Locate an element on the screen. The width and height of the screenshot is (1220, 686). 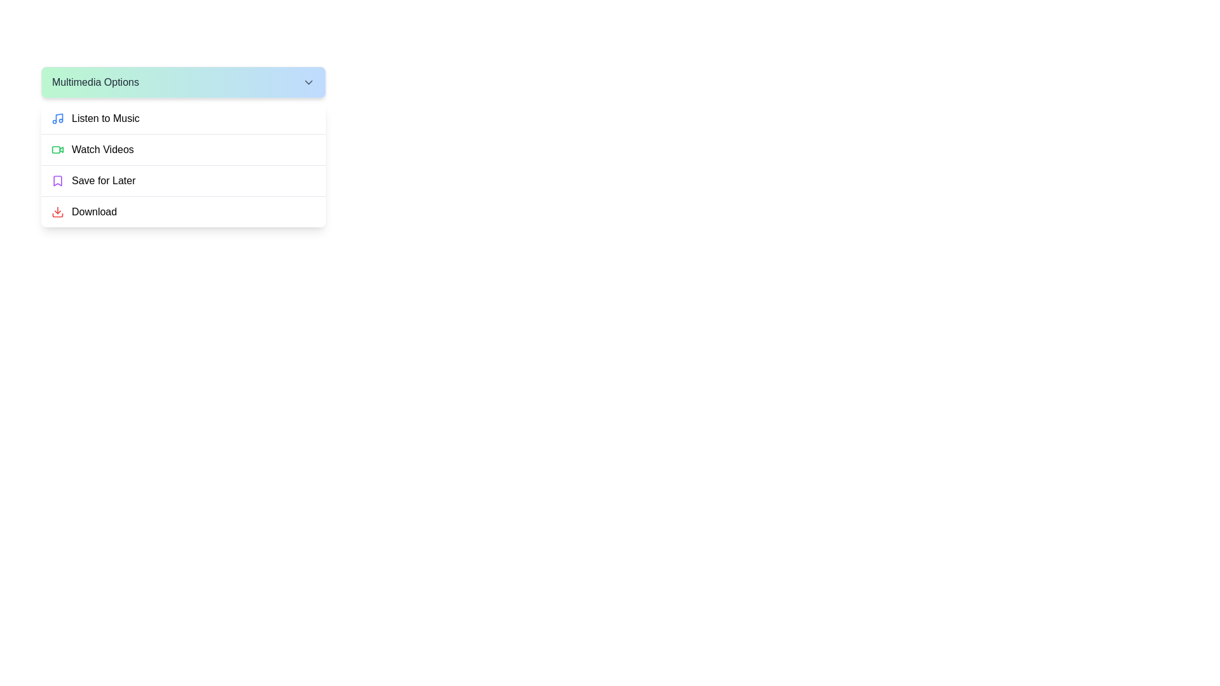
the purple bookmark icon located in the dropdown menu under 'Save for Later' to interact with its associated functionality is located at coordinates (57, 181).